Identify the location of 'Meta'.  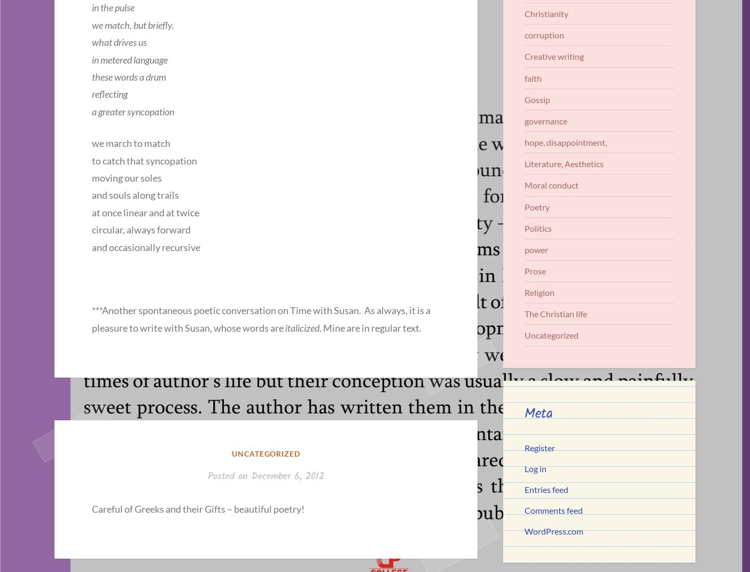
(524, 413).